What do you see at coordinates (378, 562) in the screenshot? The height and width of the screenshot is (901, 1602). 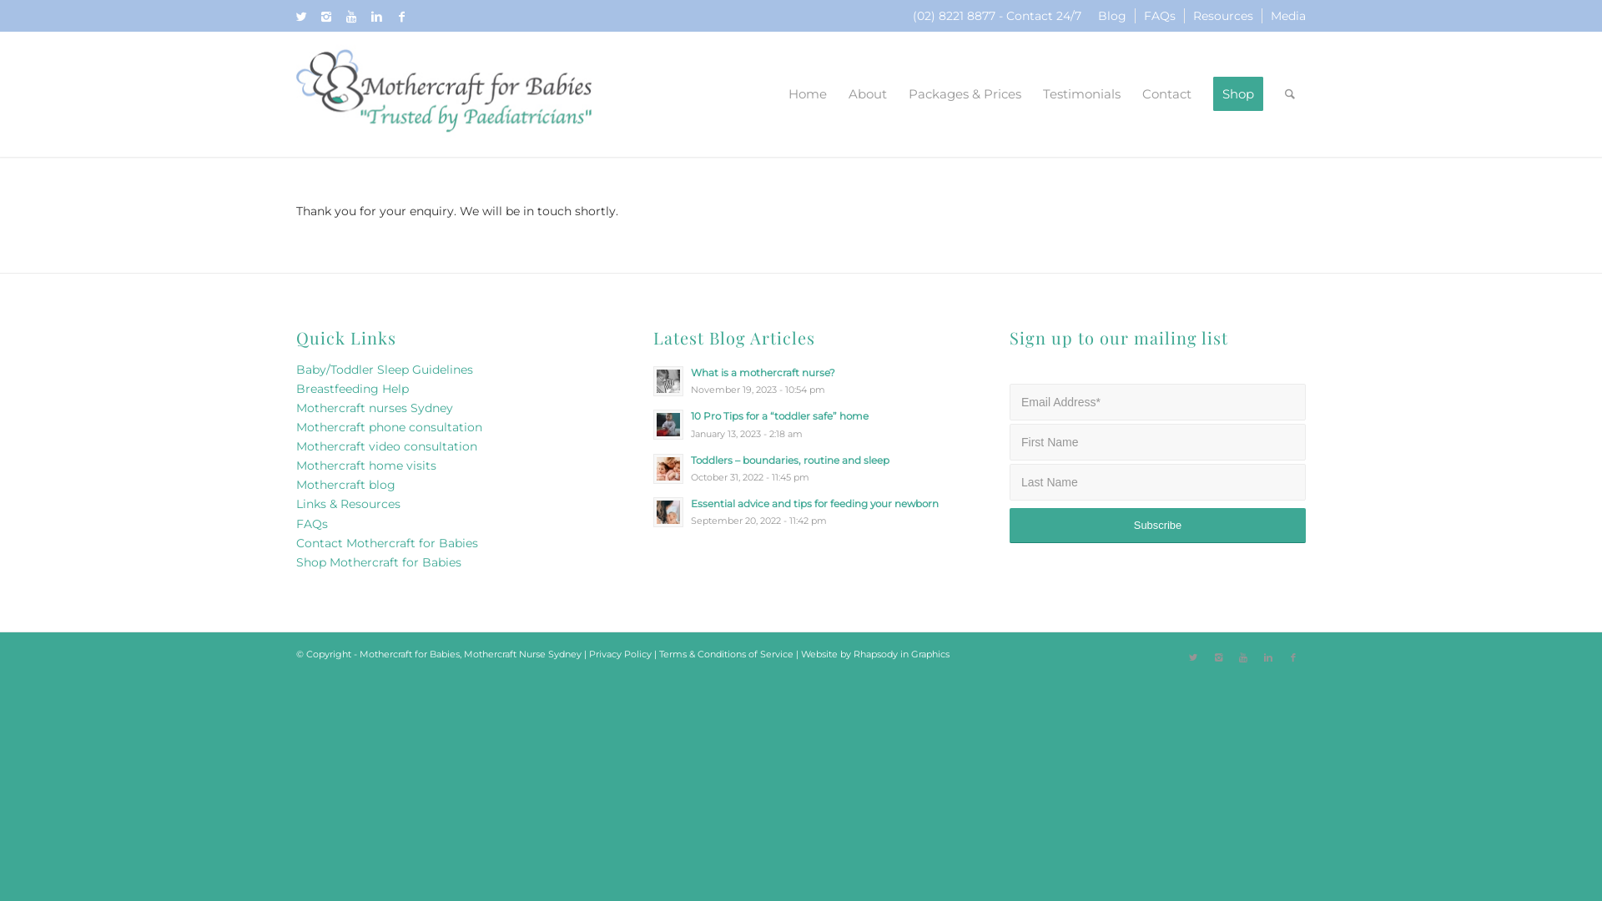 I see `'Shop Mothercraft for Babies'` at bounding box center [378, 562].